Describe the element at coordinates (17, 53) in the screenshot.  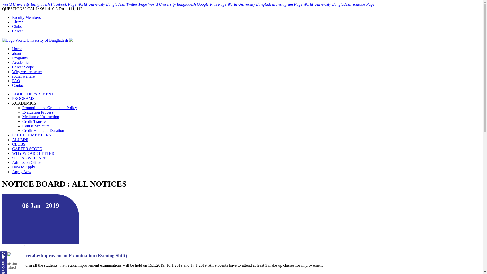
I see `'about'` at that location.